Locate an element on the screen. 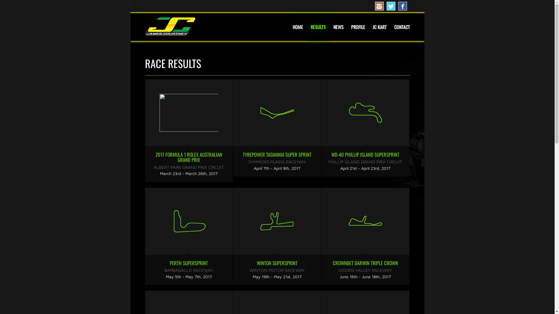  'RESULTS' is located at coordinates (318, 27).